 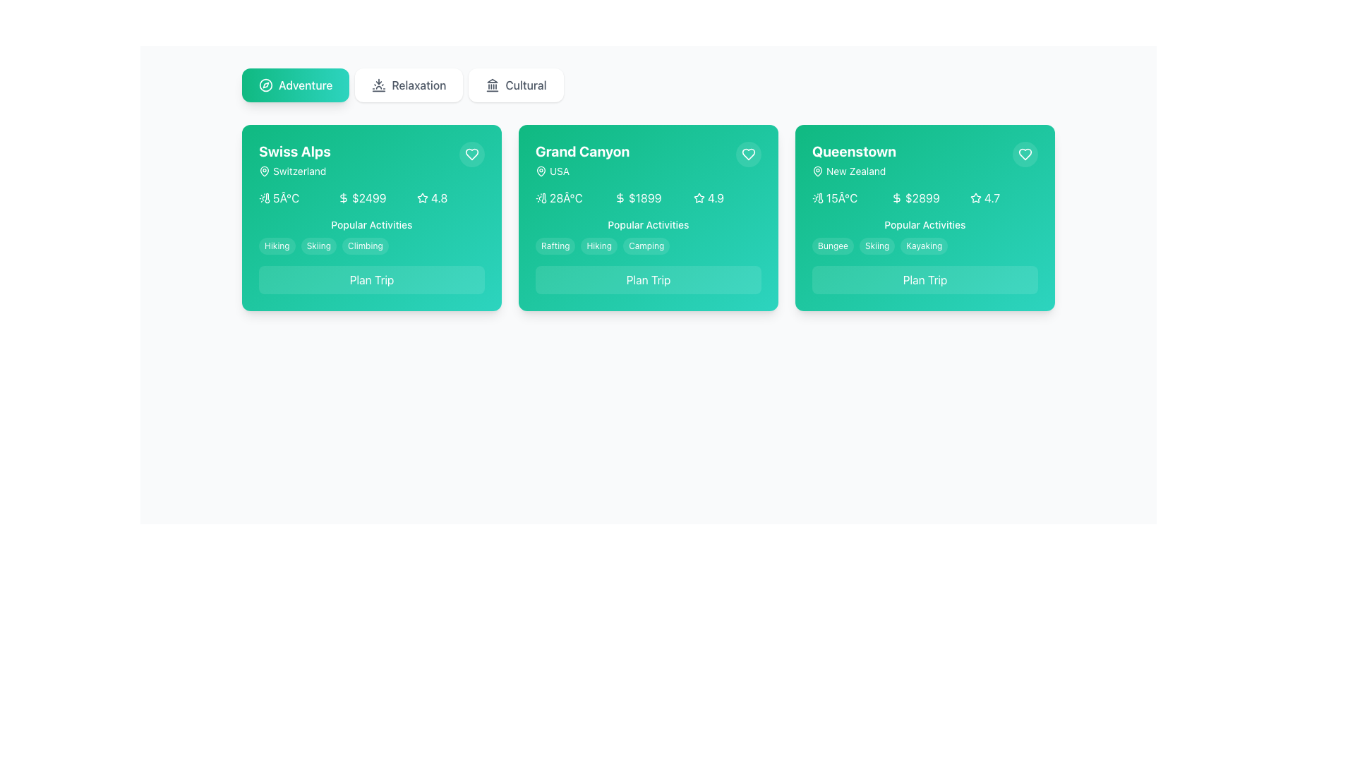 I want to click on the 'Plan Trip' button, which is a rounded rectangular button with a gradient teal background located in the bottom section of the 'Grand Canyon' card, so click(x=647, y=280).